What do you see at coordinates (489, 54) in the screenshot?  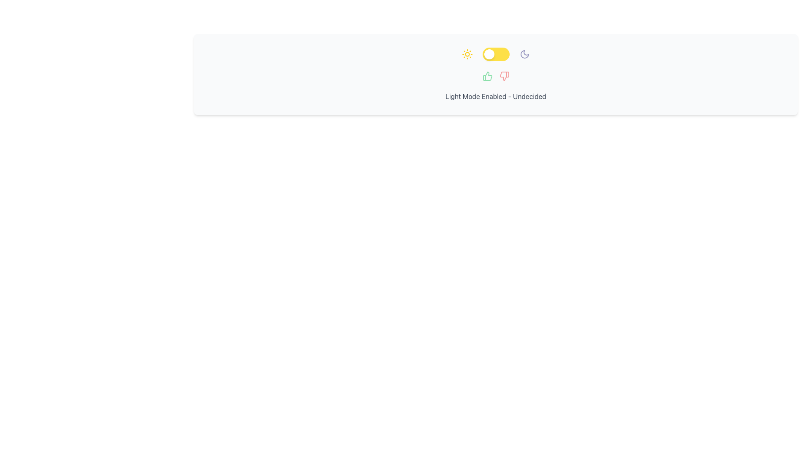 I see `the circular white toggle switch handle, which is located on the leftmost side of the toggle switch with a yellow background` at bounding box center [489, 54].